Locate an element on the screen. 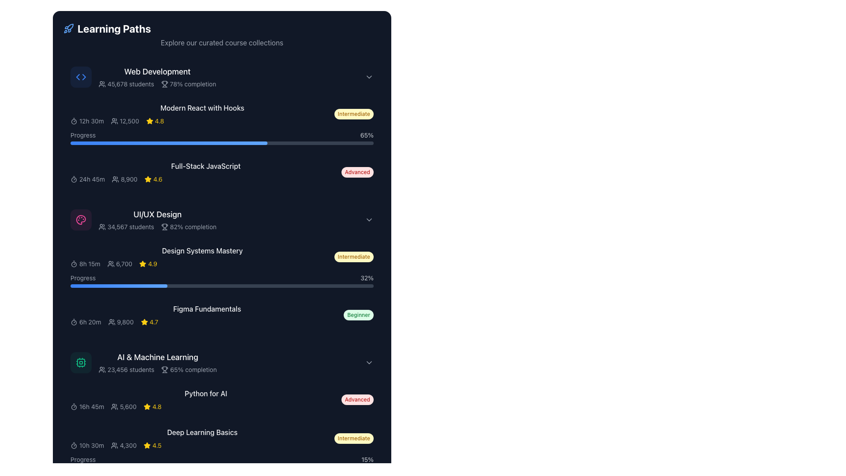 The height and width of the screenshot is (476, 846). the yellow five-pointed star icon representing the rating for the course 'Deep Learning Basics' in the 'AI & Machine Learning' section is located at coordinates (147, 445).